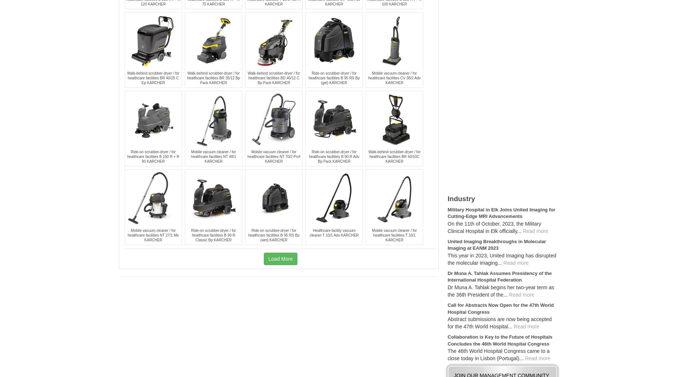  What do you see at coordinates (499, 323) in the screenshot?
I see `'Abstract submissions are now being accepted for the 47th World Hospital...'` at bounding box center [499, 323].